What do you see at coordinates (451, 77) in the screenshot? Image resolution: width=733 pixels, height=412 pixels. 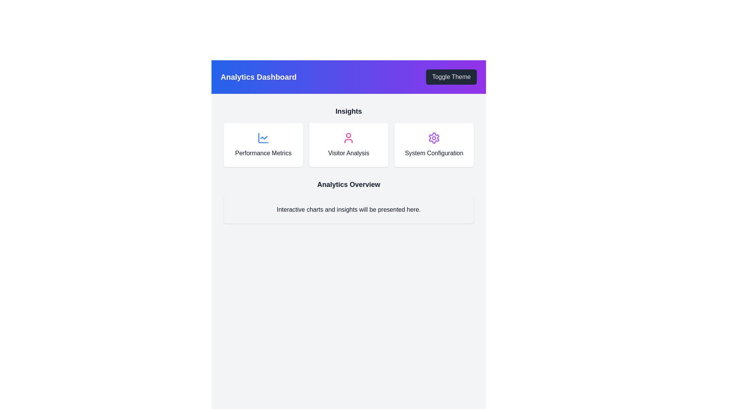 I see `the 'Toggle Theme' button, which is a rectangular button with rounded corners and a dark gray background, located in the header section aligned to the right of the 'Analytics Dashboard' text` at bounding box center [451, 77].